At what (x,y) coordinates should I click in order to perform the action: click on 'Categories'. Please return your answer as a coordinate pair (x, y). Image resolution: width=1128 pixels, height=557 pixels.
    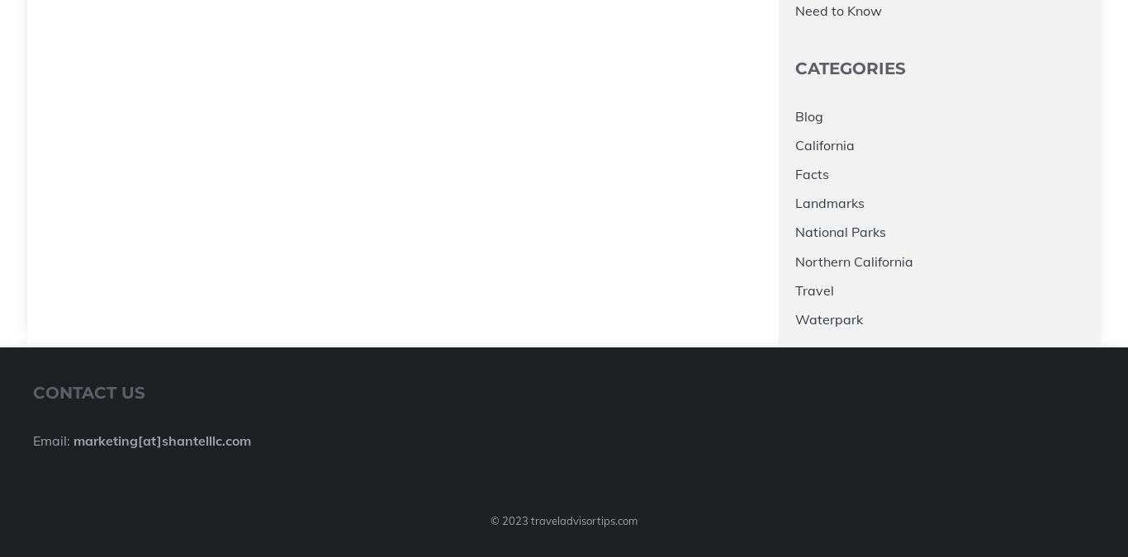
    Looking at the image, I should click on (795, 67).